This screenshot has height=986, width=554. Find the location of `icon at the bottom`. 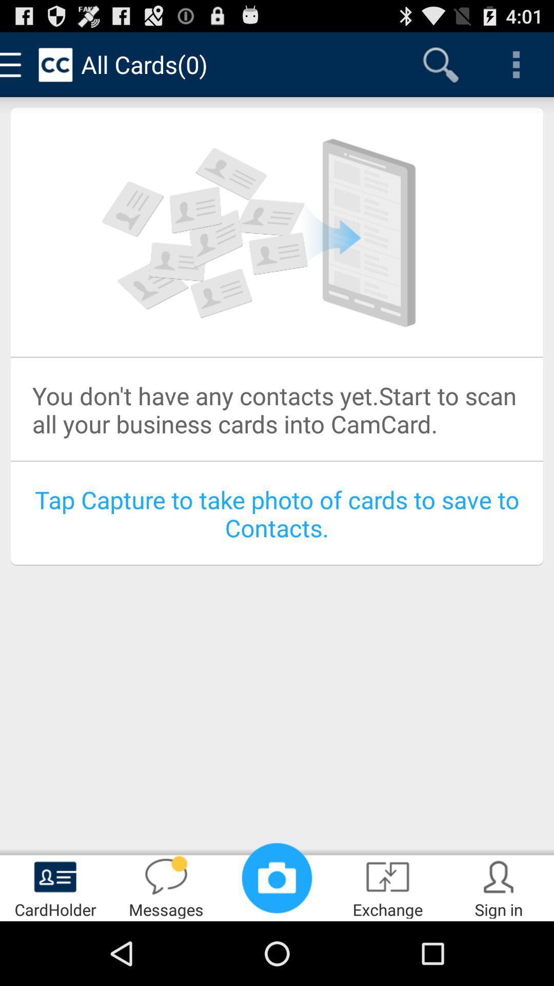

icon at the bottom is located at coordinates (277, 877).